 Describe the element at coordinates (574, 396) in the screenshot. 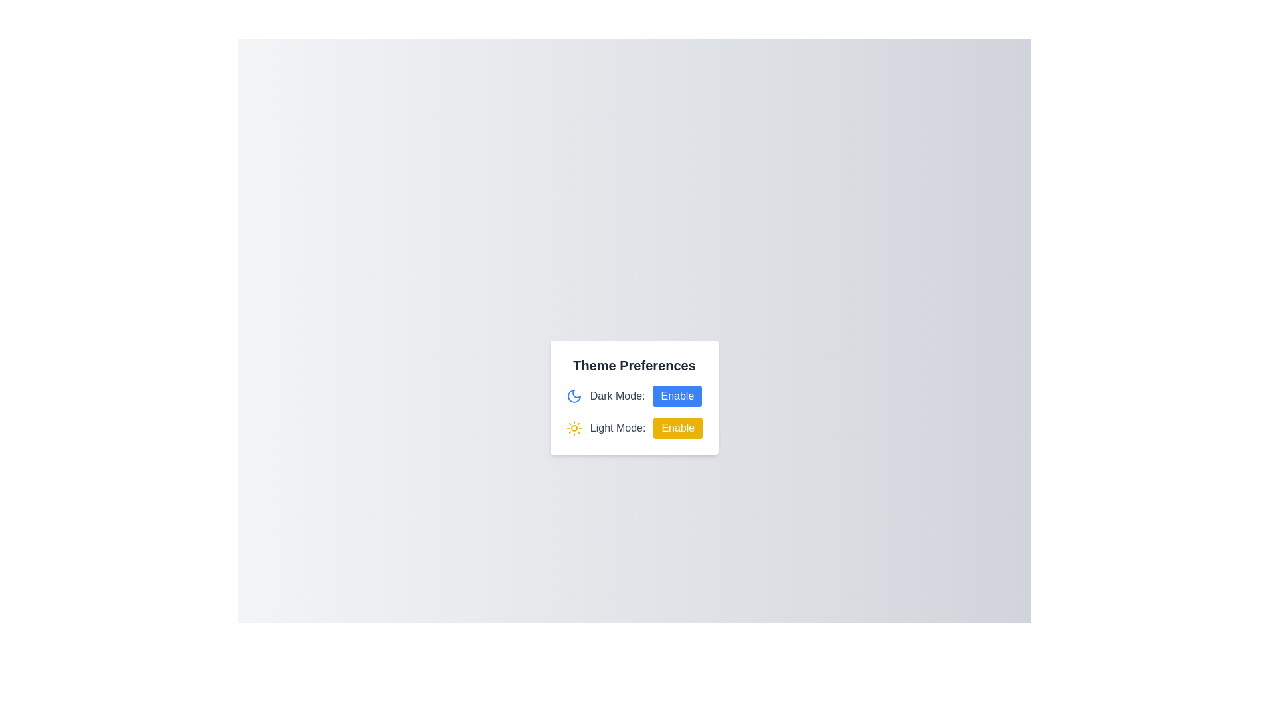

I see `the crescent moon icon indicating the 'Dark Mode' functionality, which is located to the left of the text 'Dark Mode: Enable'` at that location.